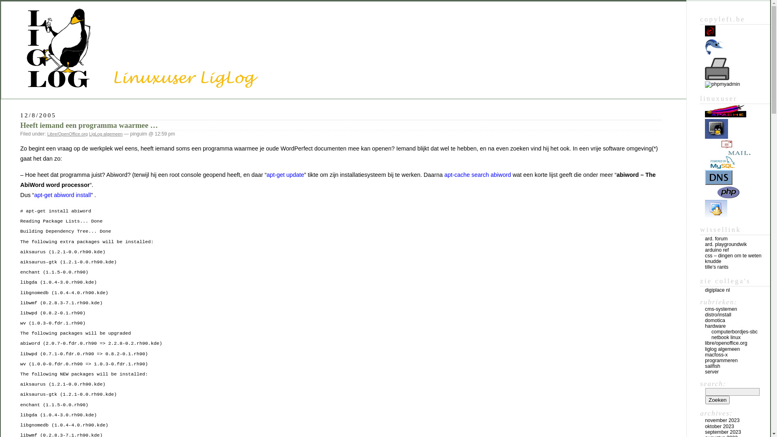 The width and height of the screenshot is (777, 437). Describe the element at coordinates (719, 426) in the screenshot. I see `'oktober 2023'` at that location.